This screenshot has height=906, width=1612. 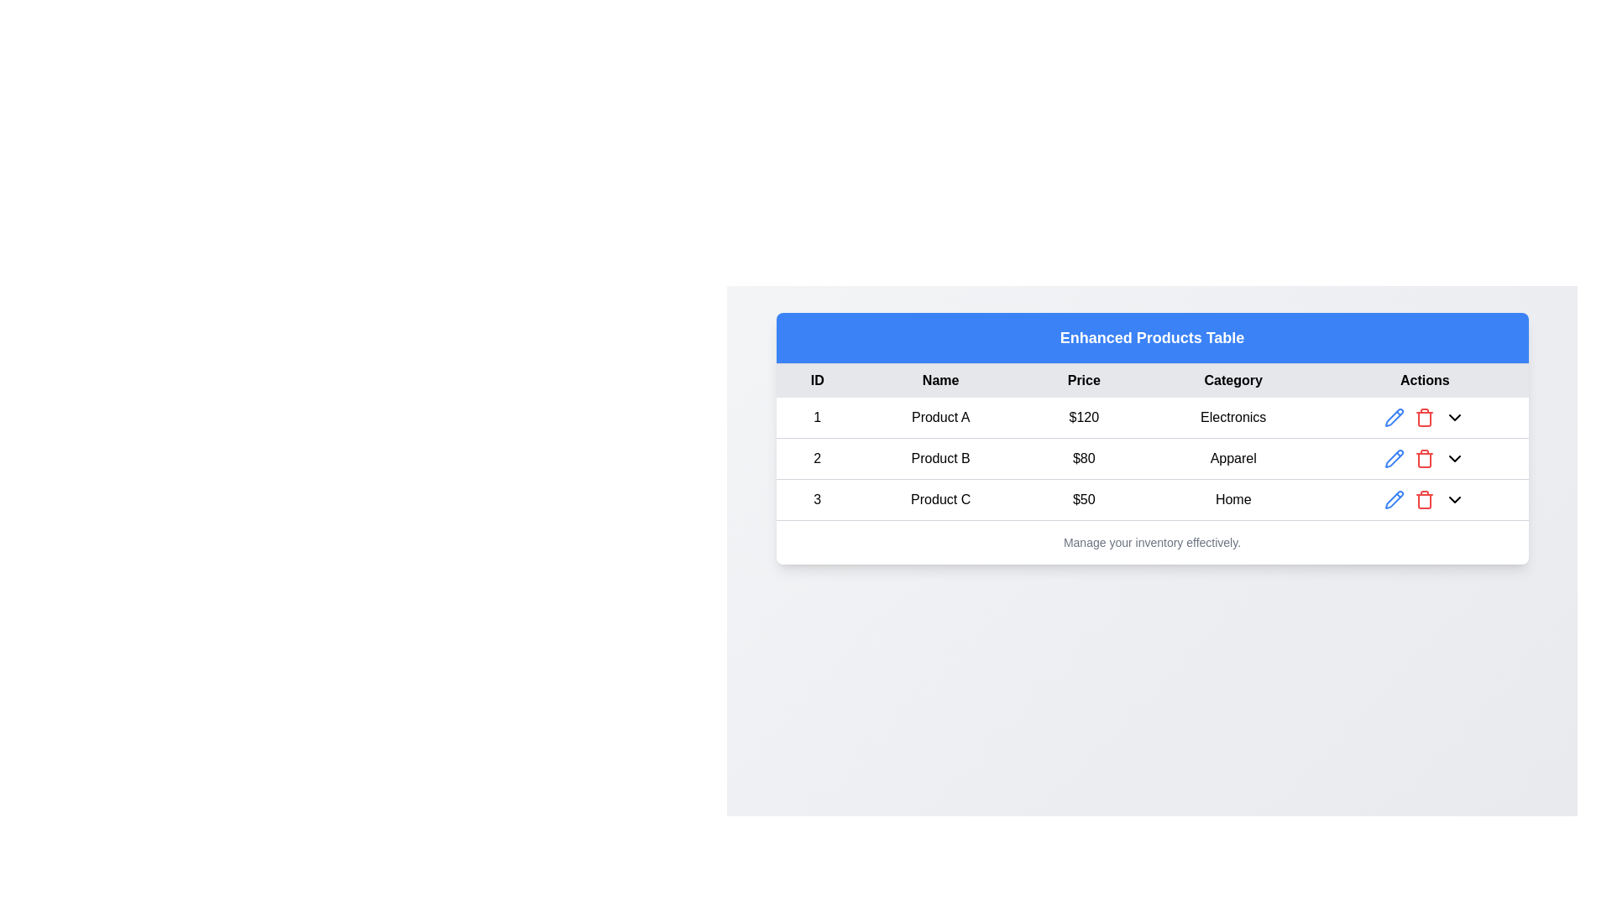 What do you see at coordinates (940, 417) in the screenshot?
I see `the static text element displaying 'Product A' located in the 'Name' column of the table, specifically the second box of the first row, between 'ID' and 'Price'` at bounding box center [940, 417].